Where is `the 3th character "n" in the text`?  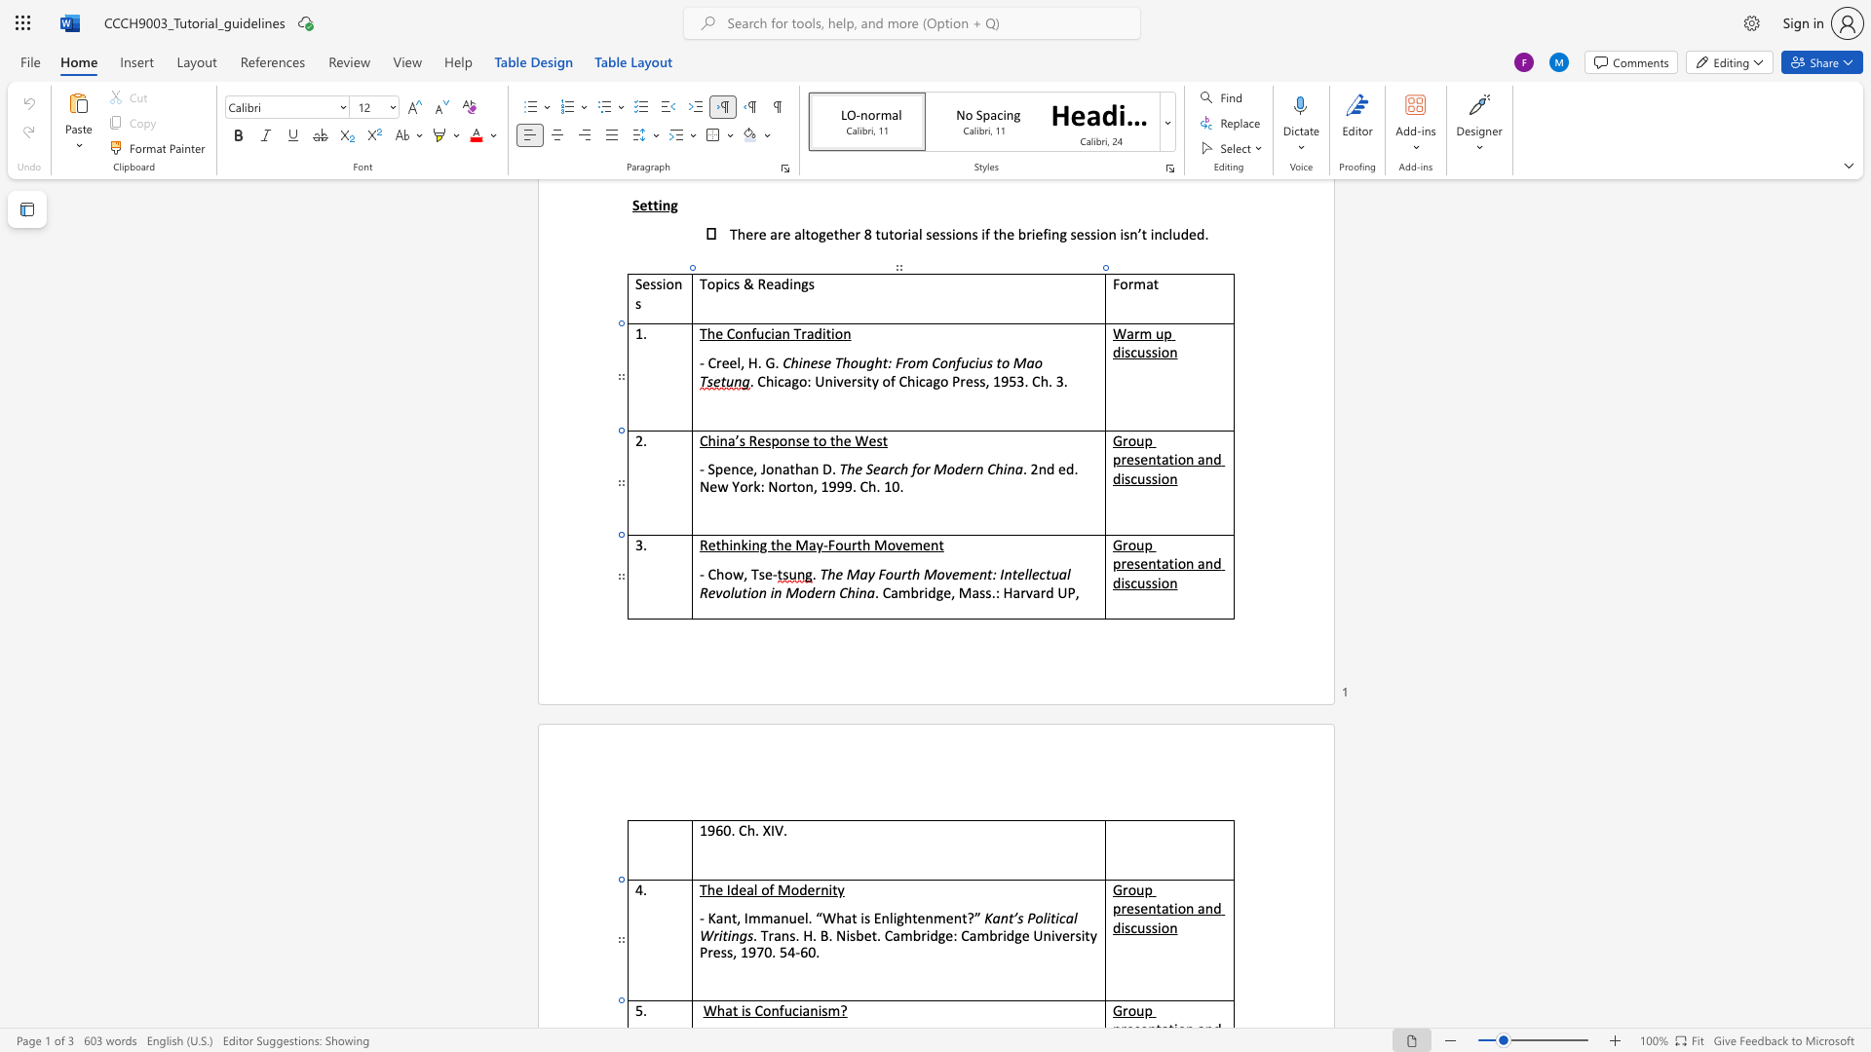 the 3th character "n" in the text is located at coordinates (1207, 908).